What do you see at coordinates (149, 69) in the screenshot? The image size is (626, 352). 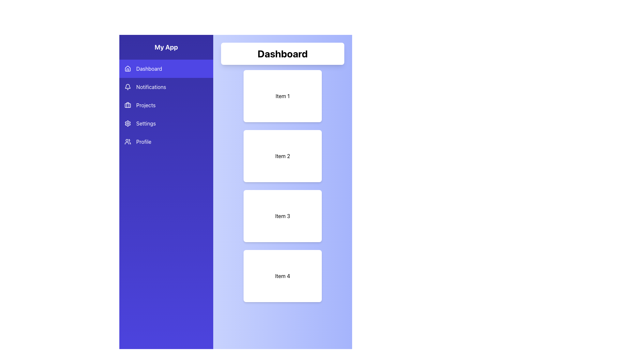 I see `the 'Dashboard' text label, which is styled with white text on a blue background and located in the vertical navigation menu to trigger hover effects` at bounding box center [149, 69].